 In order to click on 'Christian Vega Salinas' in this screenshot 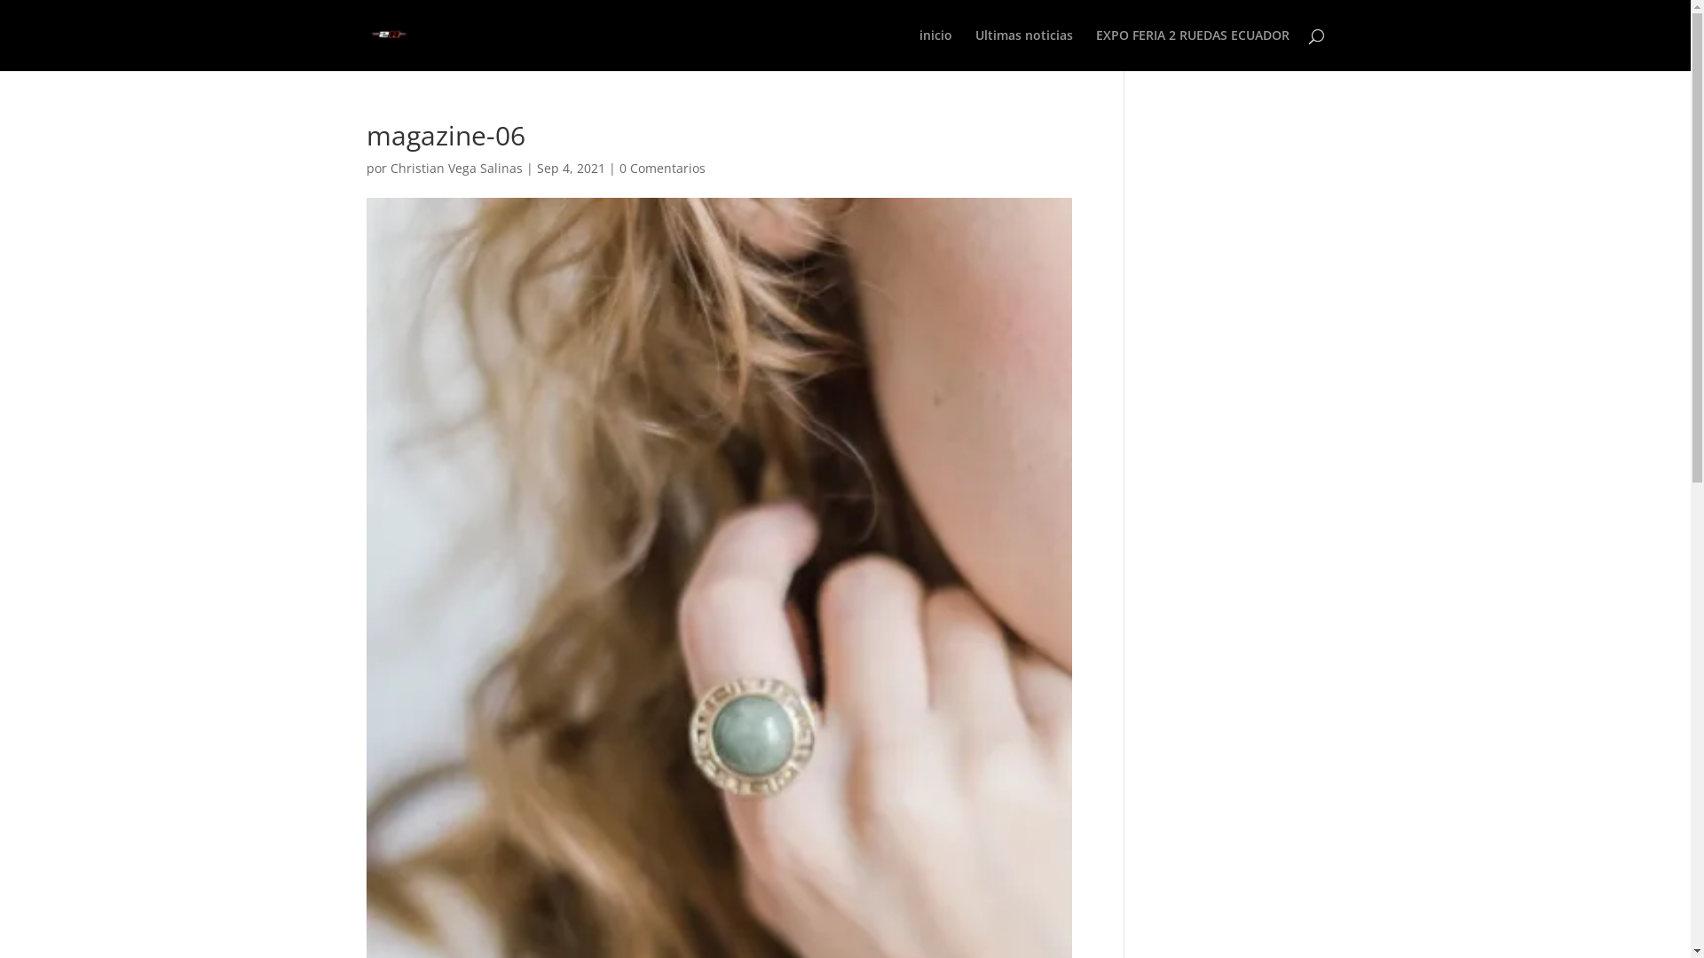, I will do `click(456, 168)`.